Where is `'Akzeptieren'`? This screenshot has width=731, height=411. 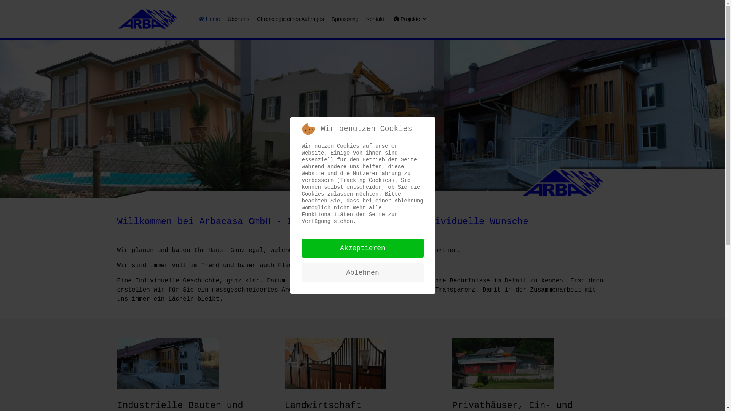
'Akzeptieren' is located at coordinates (362, 248).